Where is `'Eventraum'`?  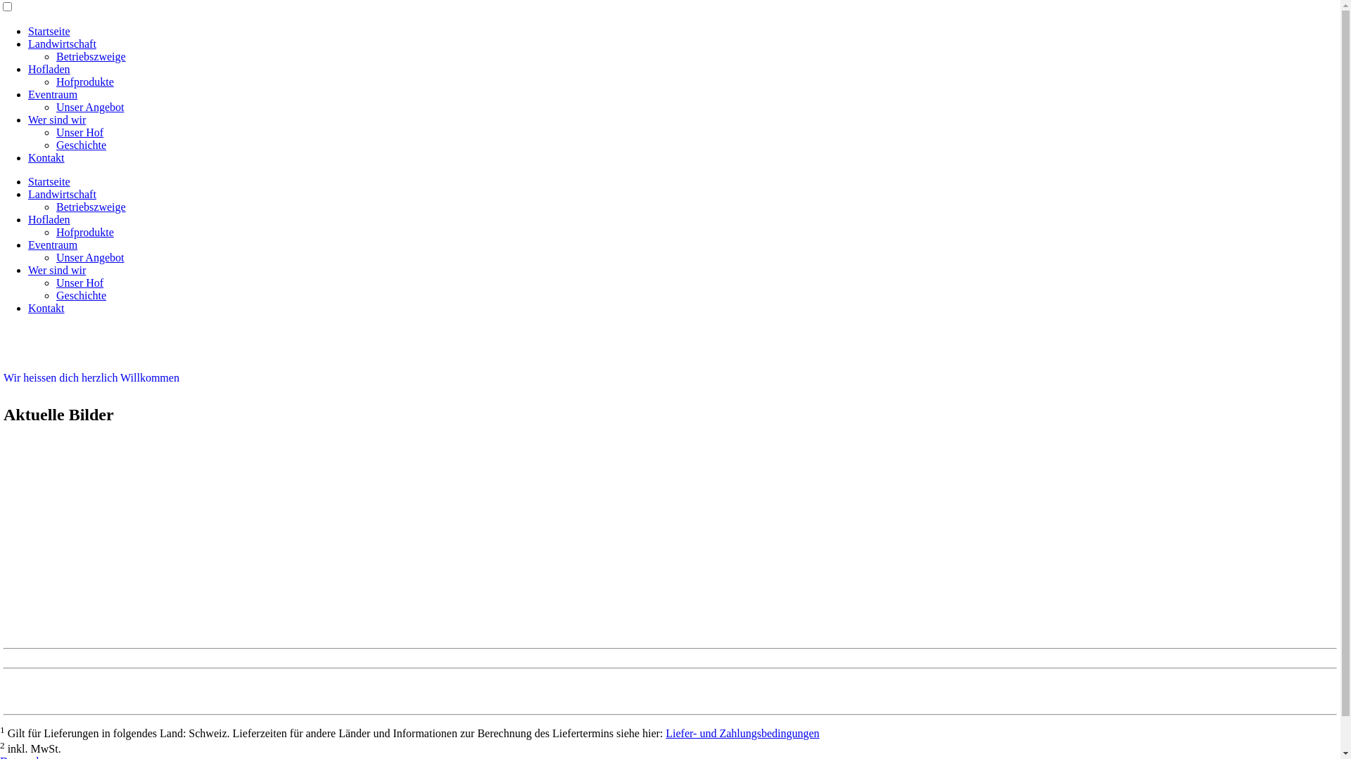
'Eventraum' is located at coordinates (53, 244).